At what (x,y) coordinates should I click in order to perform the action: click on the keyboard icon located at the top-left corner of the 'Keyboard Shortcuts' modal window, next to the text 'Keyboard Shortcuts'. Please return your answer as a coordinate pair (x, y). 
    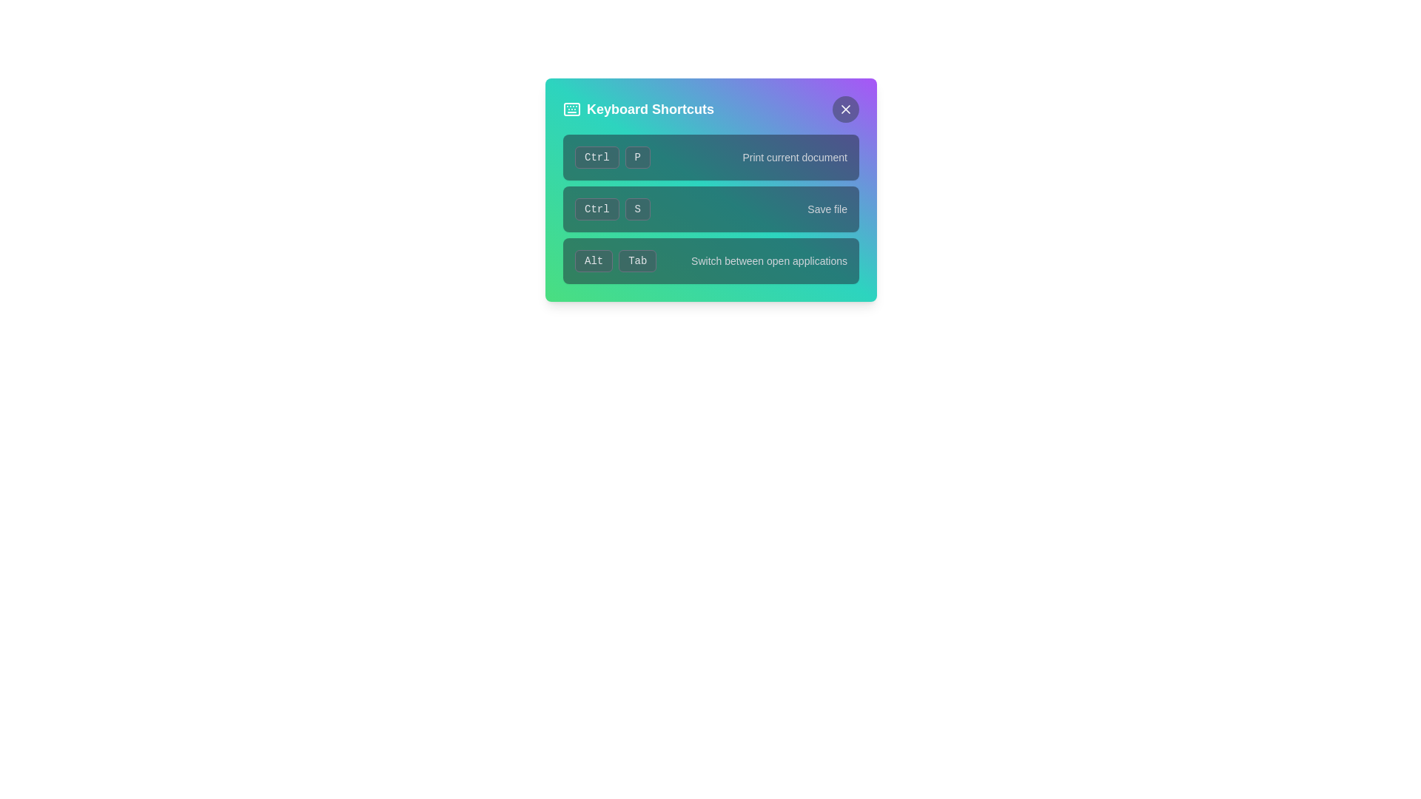
    Looking at the image, I should click on (571, 108).